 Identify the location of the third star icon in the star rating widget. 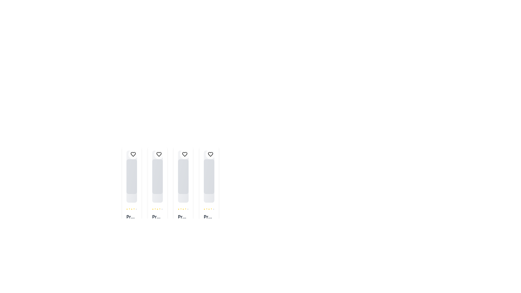
(181, 209).